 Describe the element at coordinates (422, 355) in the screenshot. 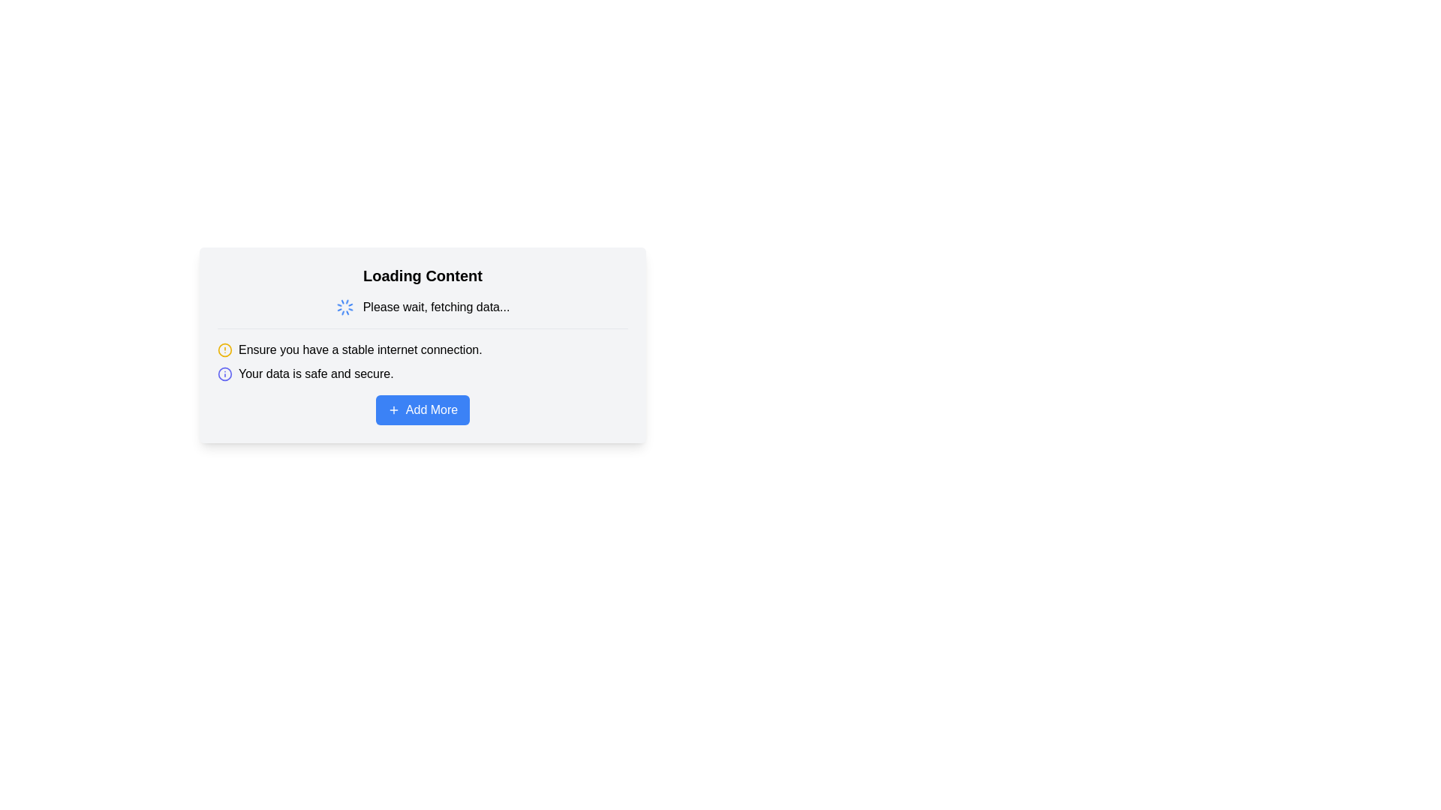

I see `the informational text element that provides users with alerts about internet stability and data security, located below 'Loading Content' and above the 'Add More' button` at that location.